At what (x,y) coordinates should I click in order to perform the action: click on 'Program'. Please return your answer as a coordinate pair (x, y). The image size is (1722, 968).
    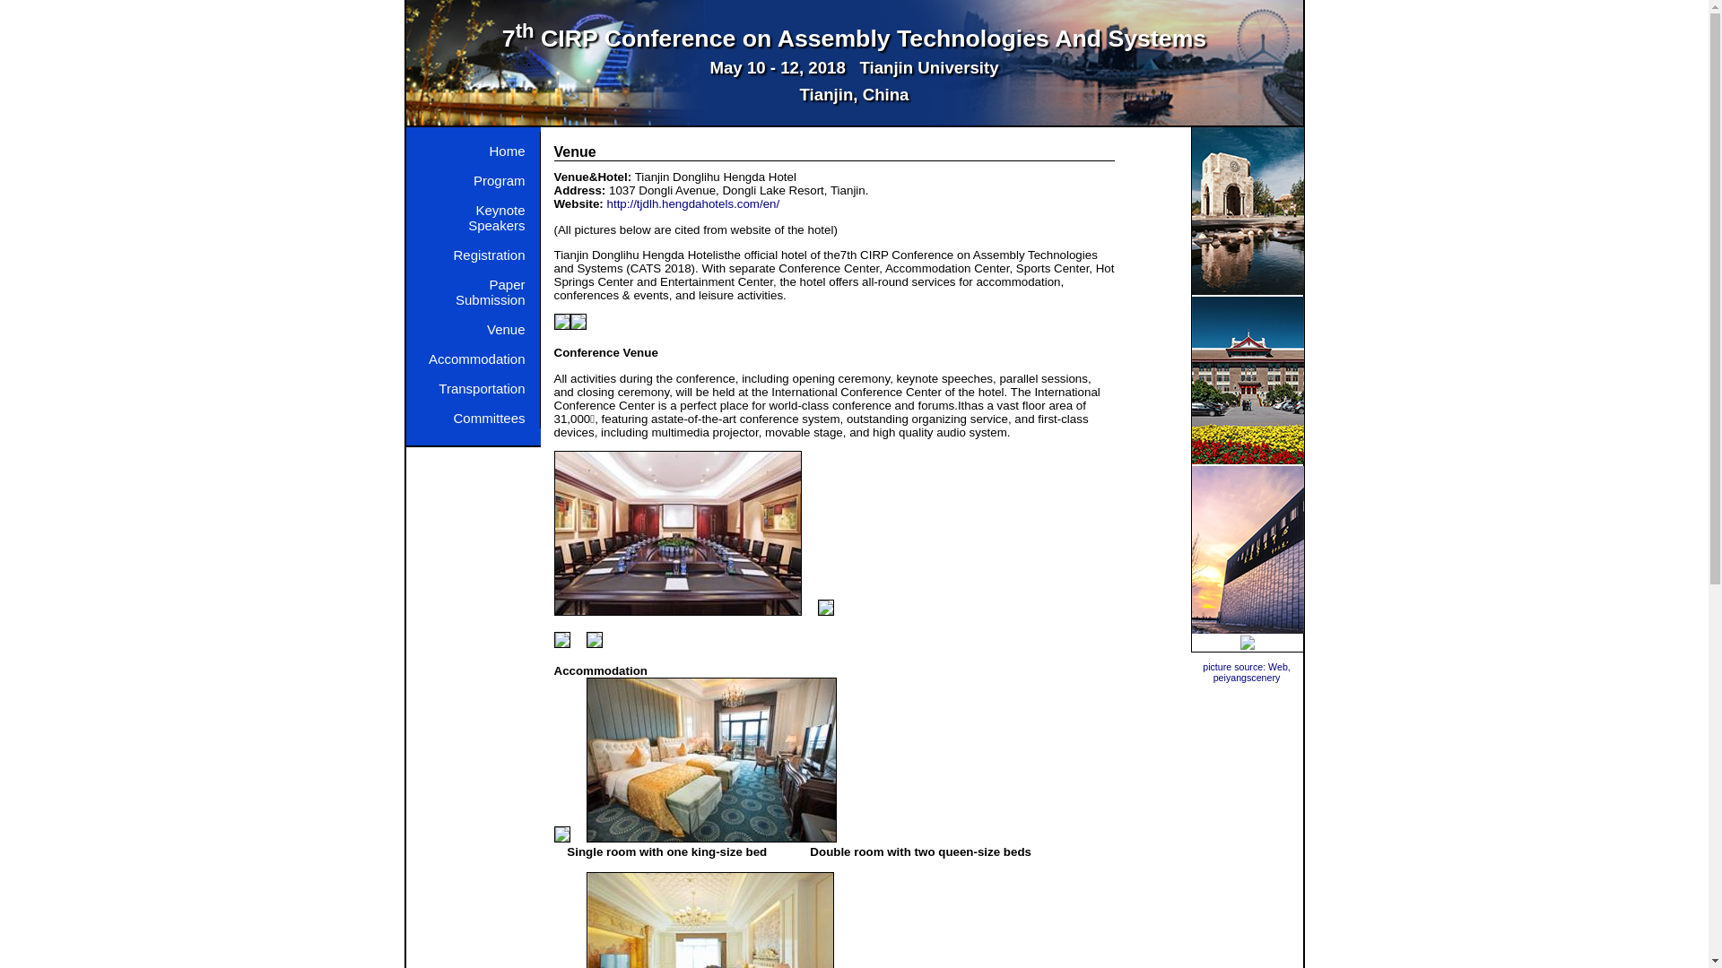
    Looking at the image, I should click on (472, 176).